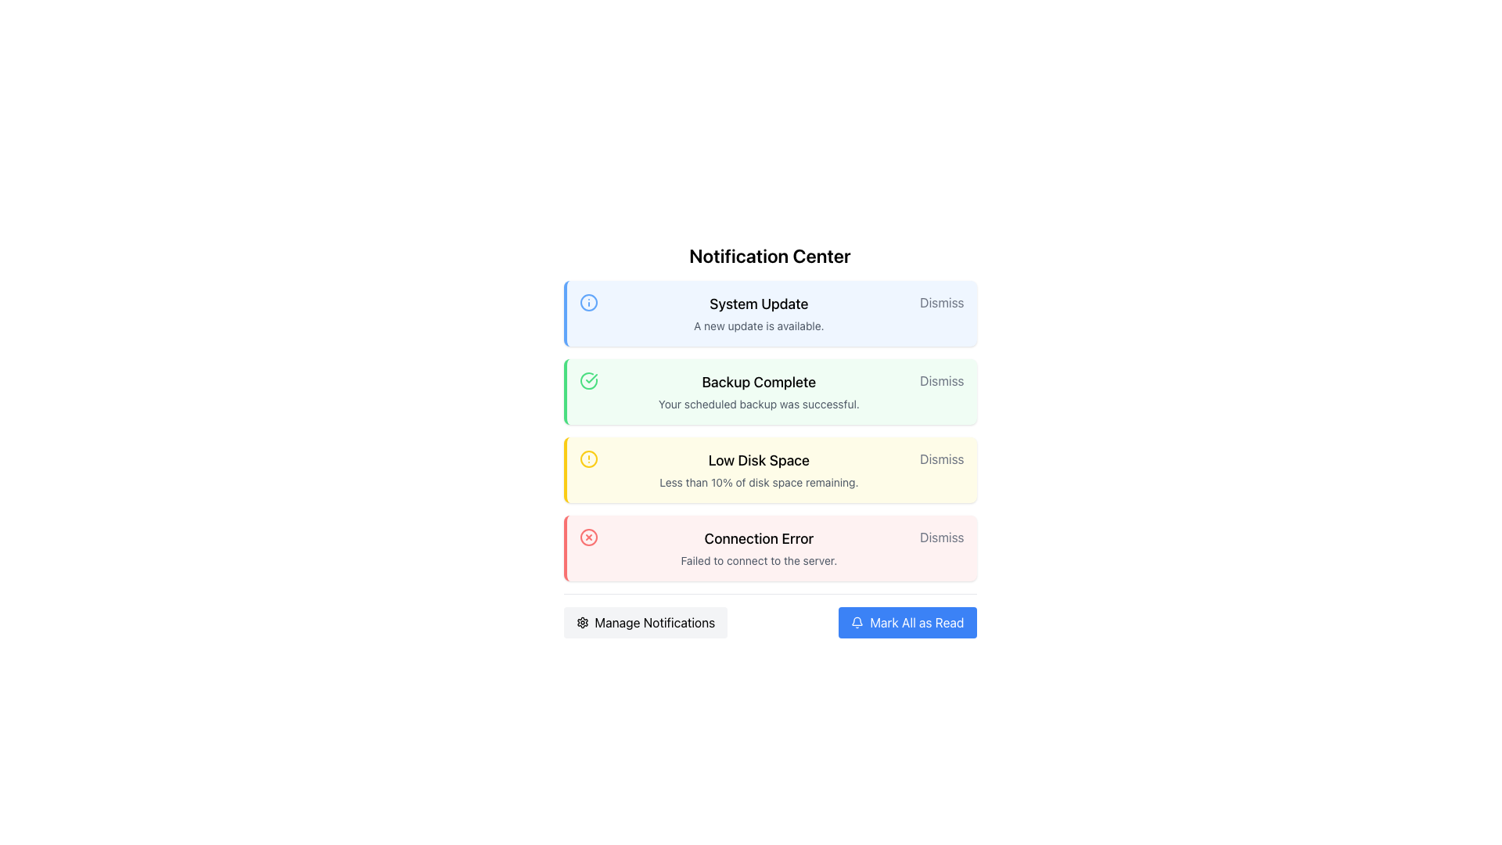  Describe the element at coordinates (857, 621) in the screenshot. I see `the bell icon located to the left of the 'Mark All as Read' text within the blue button at the bottom right of the interface to indicate notifications or actions related to notifications` at that location.